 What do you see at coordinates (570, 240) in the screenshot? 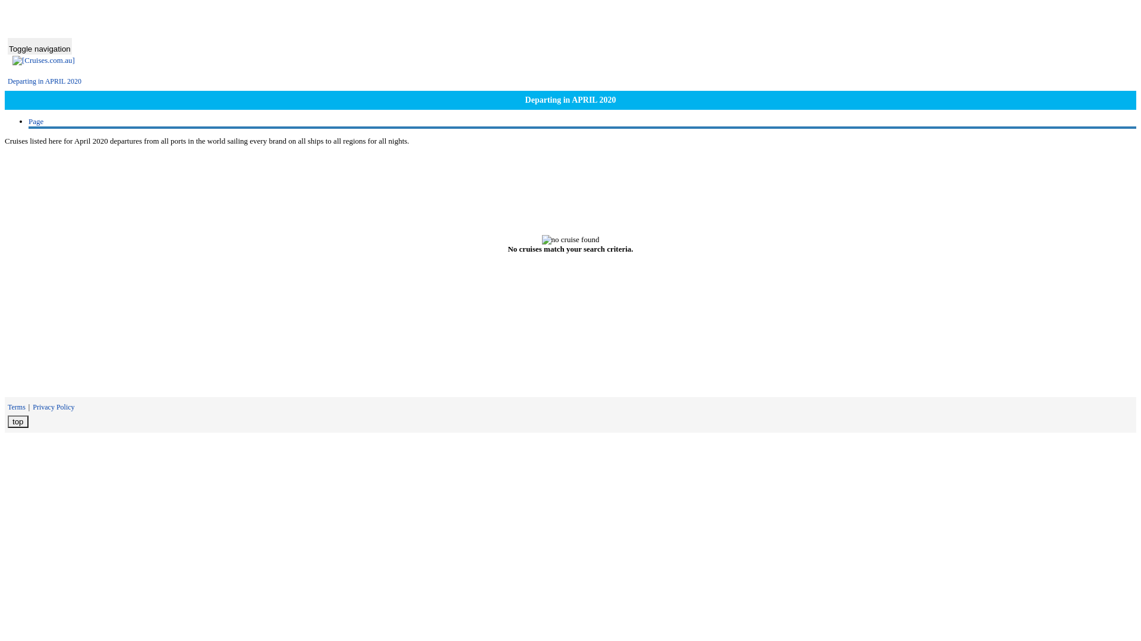
I see `'[Ozcruising.com.au]-no cruise found'` at bounding box center [570, 240].